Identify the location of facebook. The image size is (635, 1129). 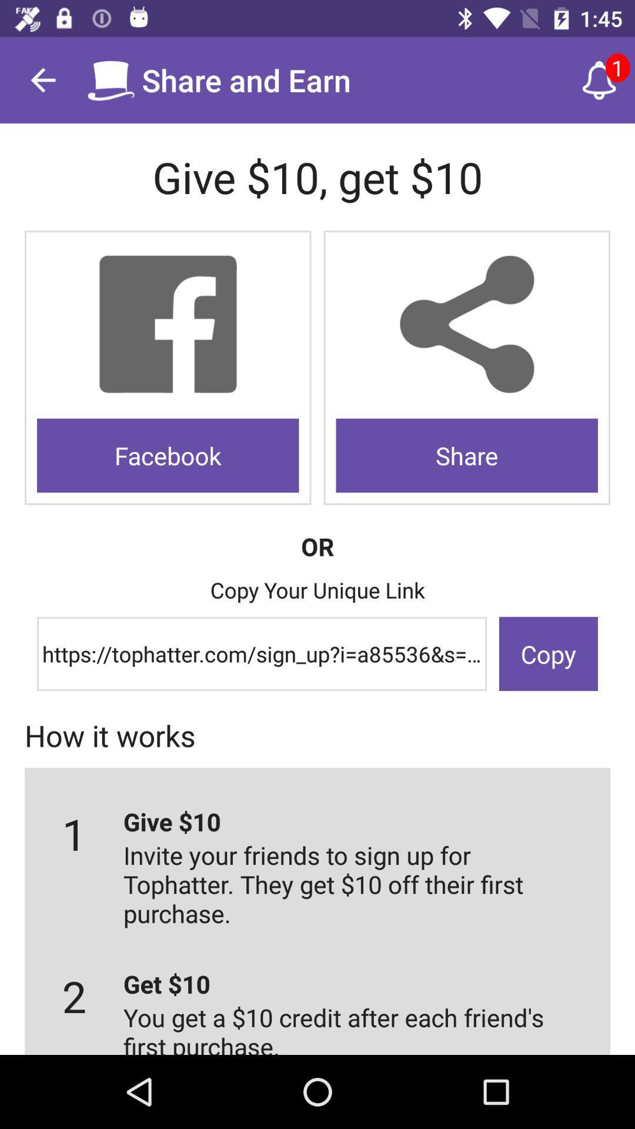
(168, 455).